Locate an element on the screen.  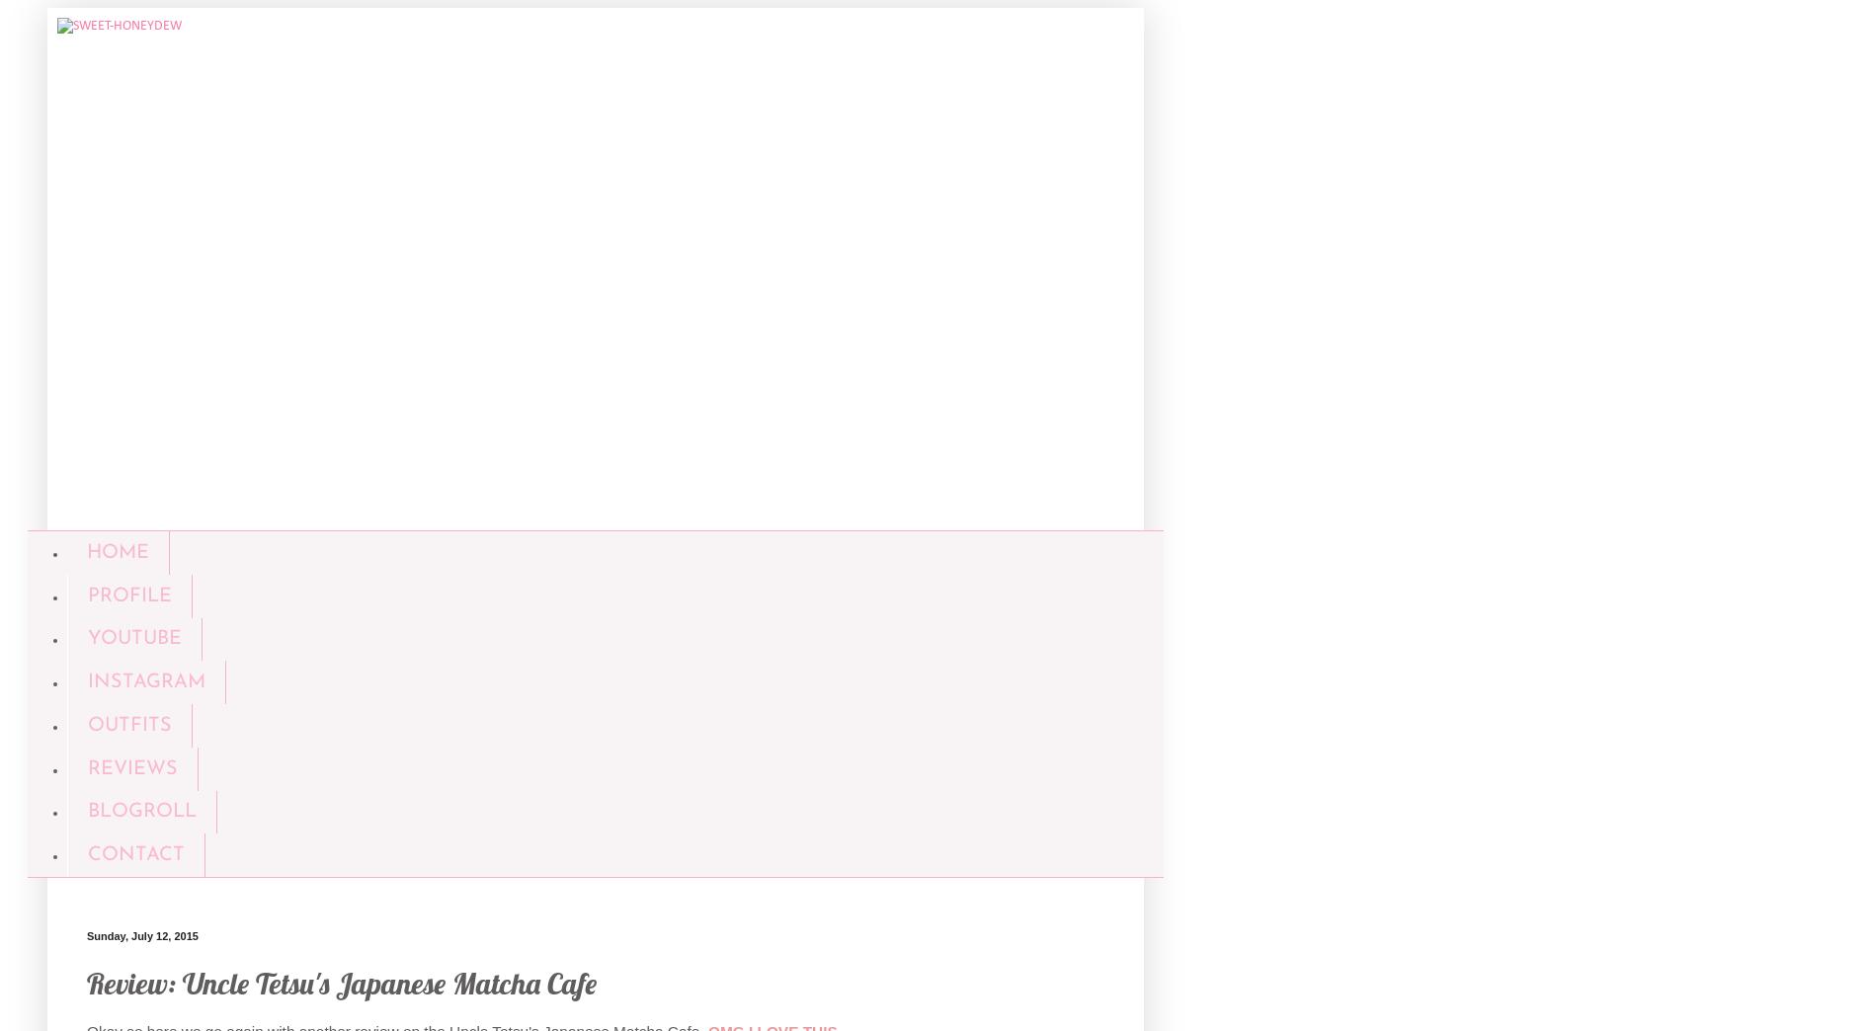
'YOUTUBE' is located at coordinates (133, 638).